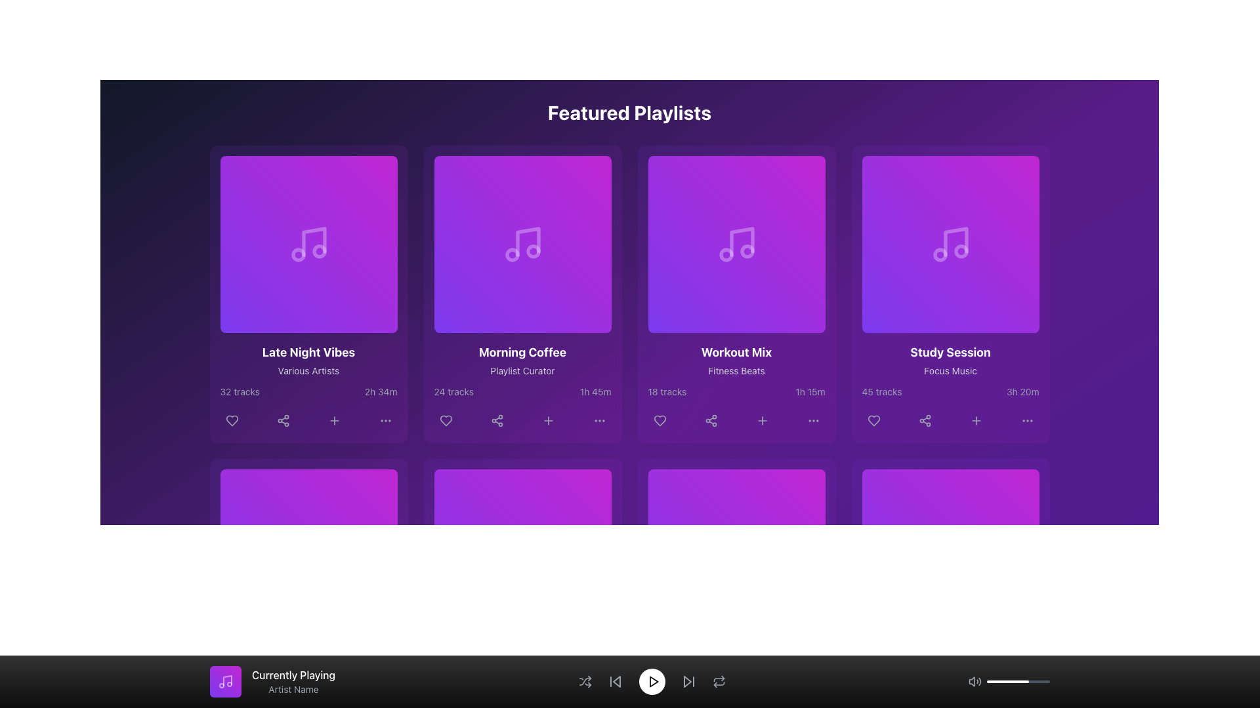 The width and height of the screenshot is (1260, 708). What do you see at coordinates (736, 245) in the screenshot?
I see `the Circular button with a play icon` at bounding box center [736, 245].